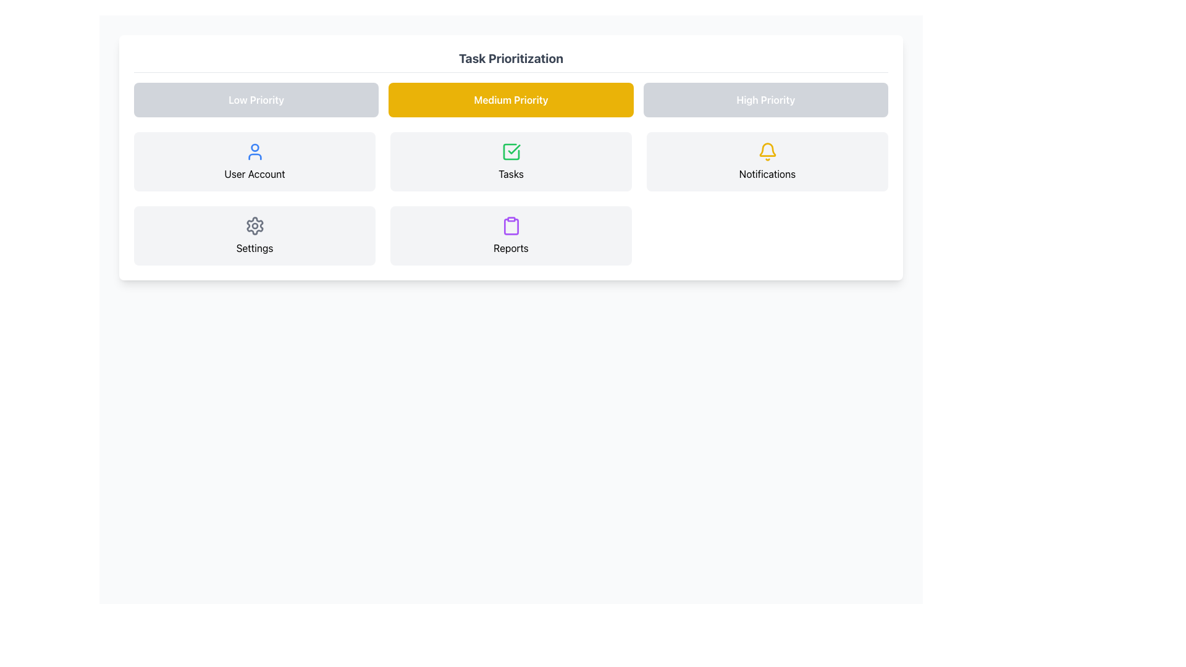  What do you see at coordinates (767, 174) in the screenshot?
I see `the 'Notifications' text label which is a medium-sized, dark font located below the yellow notification bell icon in the top-right cell of the grid` at bounding box center [767, 174].